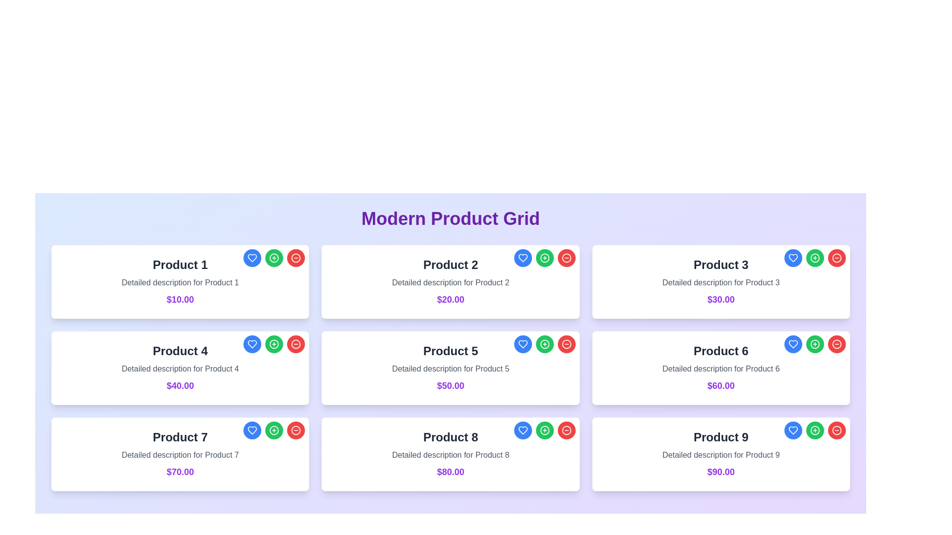 The width and height of the screenshot is (952, 535). Describe the element at coordinates (721, 299) in the screenshot. I see `the bold purple text displaying '$30.00' located beneath the product description for 'Product 3'` at that location.